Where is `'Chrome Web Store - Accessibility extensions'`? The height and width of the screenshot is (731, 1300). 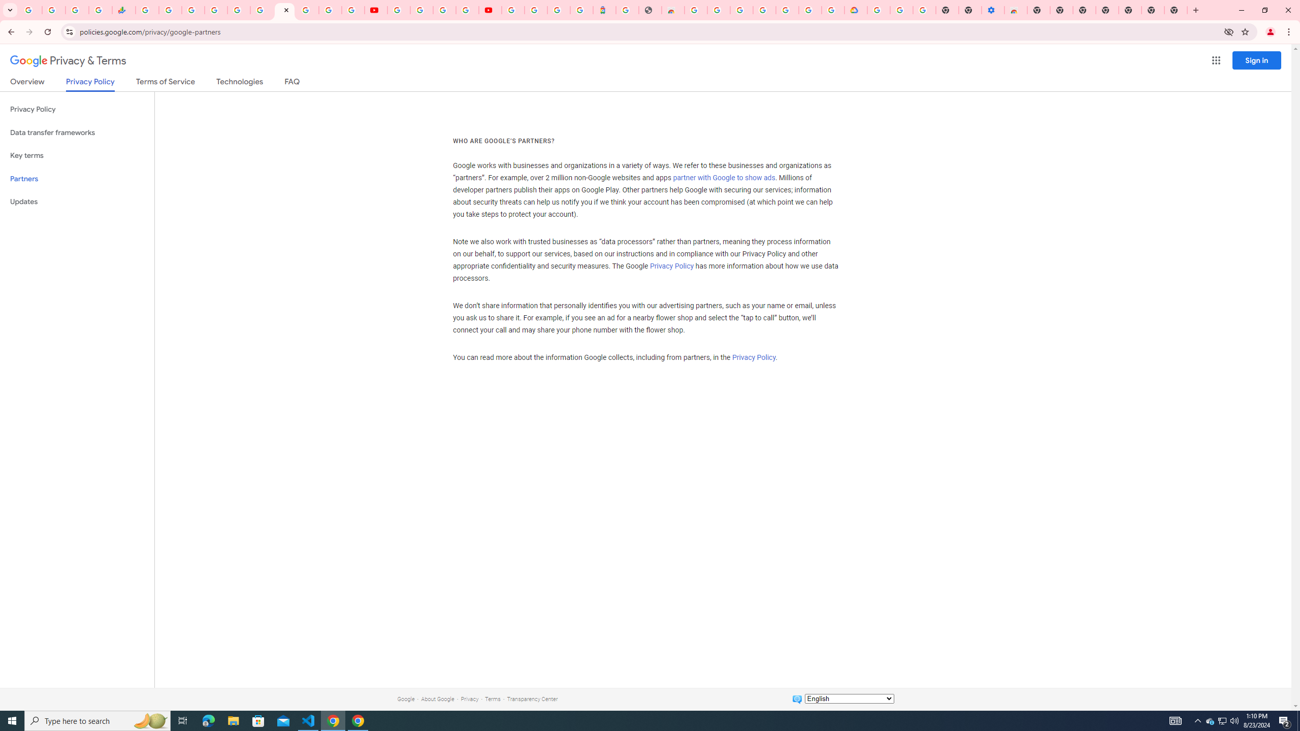
'Chrome Web Store - Accessibility extensions' is located at coordinates (1016, 10).